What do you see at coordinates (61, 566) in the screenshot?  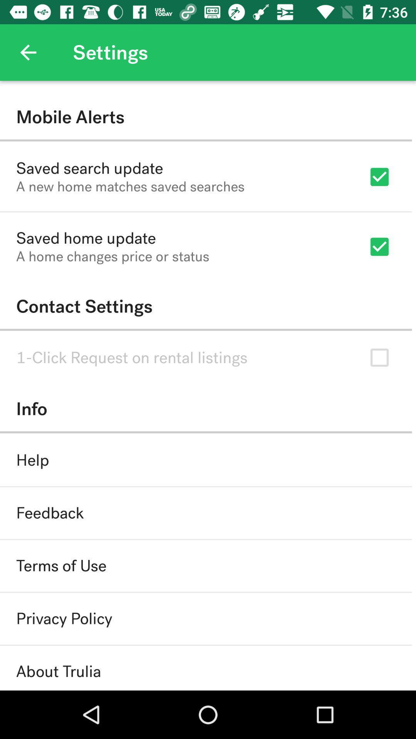 I see `terms of use item` at bounding box center [61, 566].